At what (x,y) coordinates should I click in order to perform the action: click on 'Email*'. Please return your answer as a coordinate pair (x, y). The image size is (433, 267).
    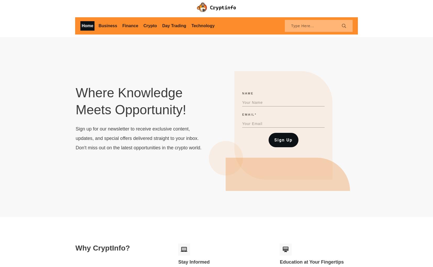
    Looking at the image, I should click on (242, 114).